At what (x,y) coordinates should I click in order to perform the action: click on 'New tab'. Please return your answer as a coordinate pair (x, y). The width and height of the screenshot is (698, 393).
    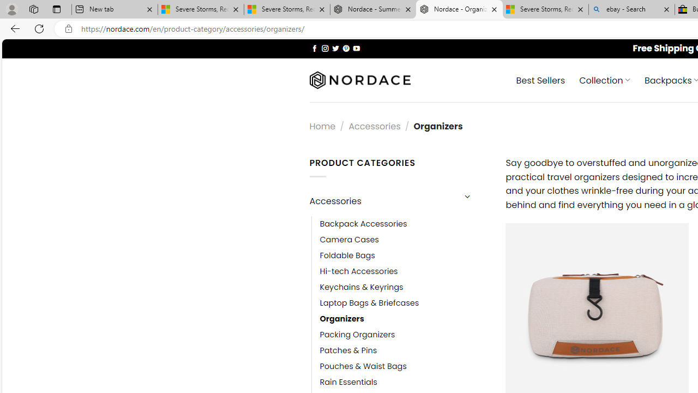
    Looking at the image, I should click on (115, 9).